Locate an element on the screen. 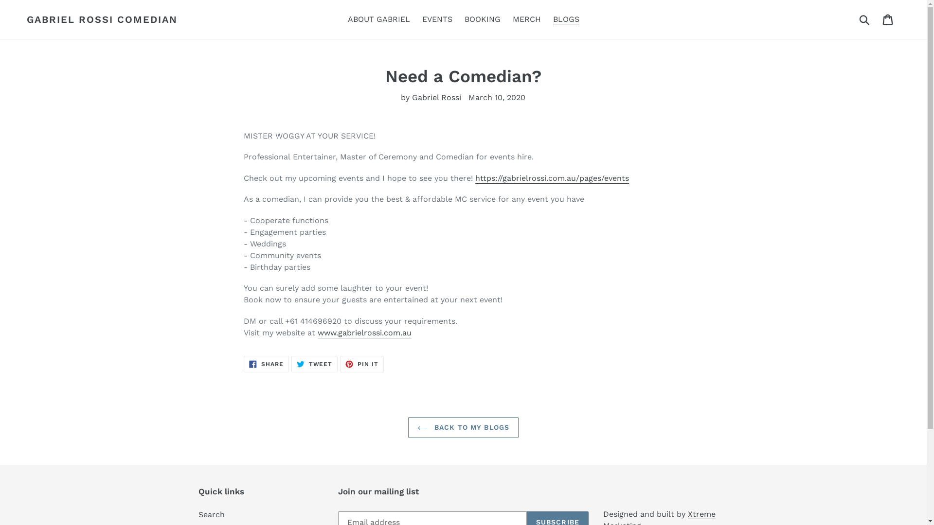  'GABRIEL ROSSI COMEDIAN' is located at coordinates (102, 19).